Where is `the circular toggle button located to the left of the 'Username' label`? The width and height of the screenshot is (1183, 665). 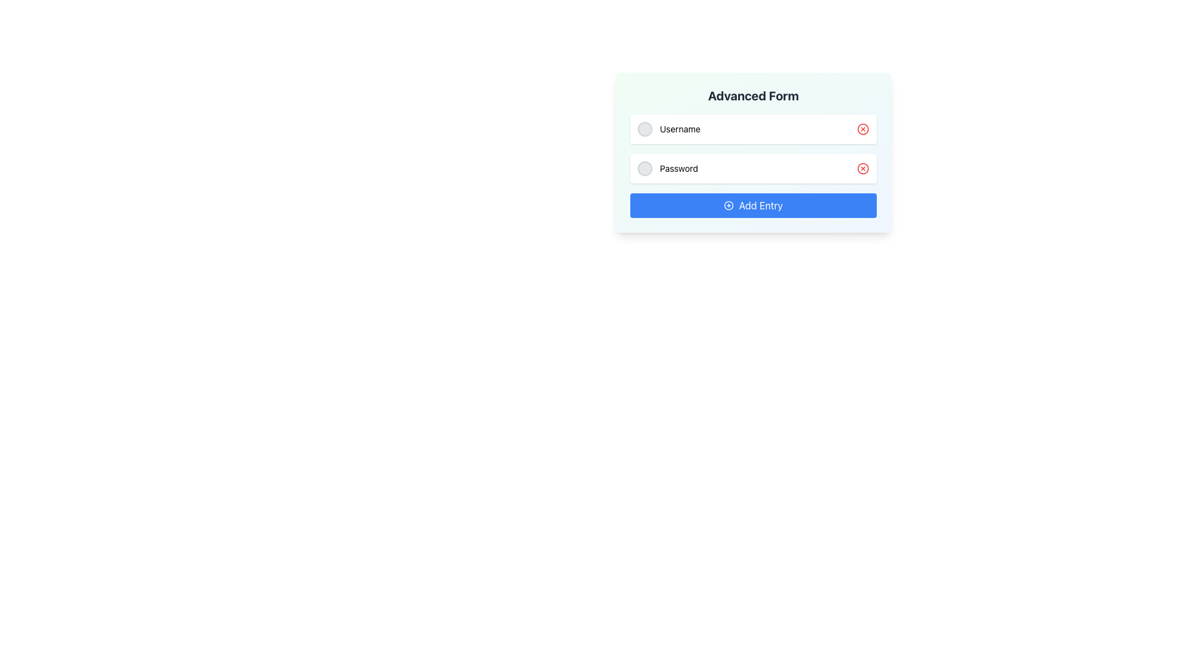 the circular toggle button located to the left of the 'Username' label is located at coordinates (644, 129).